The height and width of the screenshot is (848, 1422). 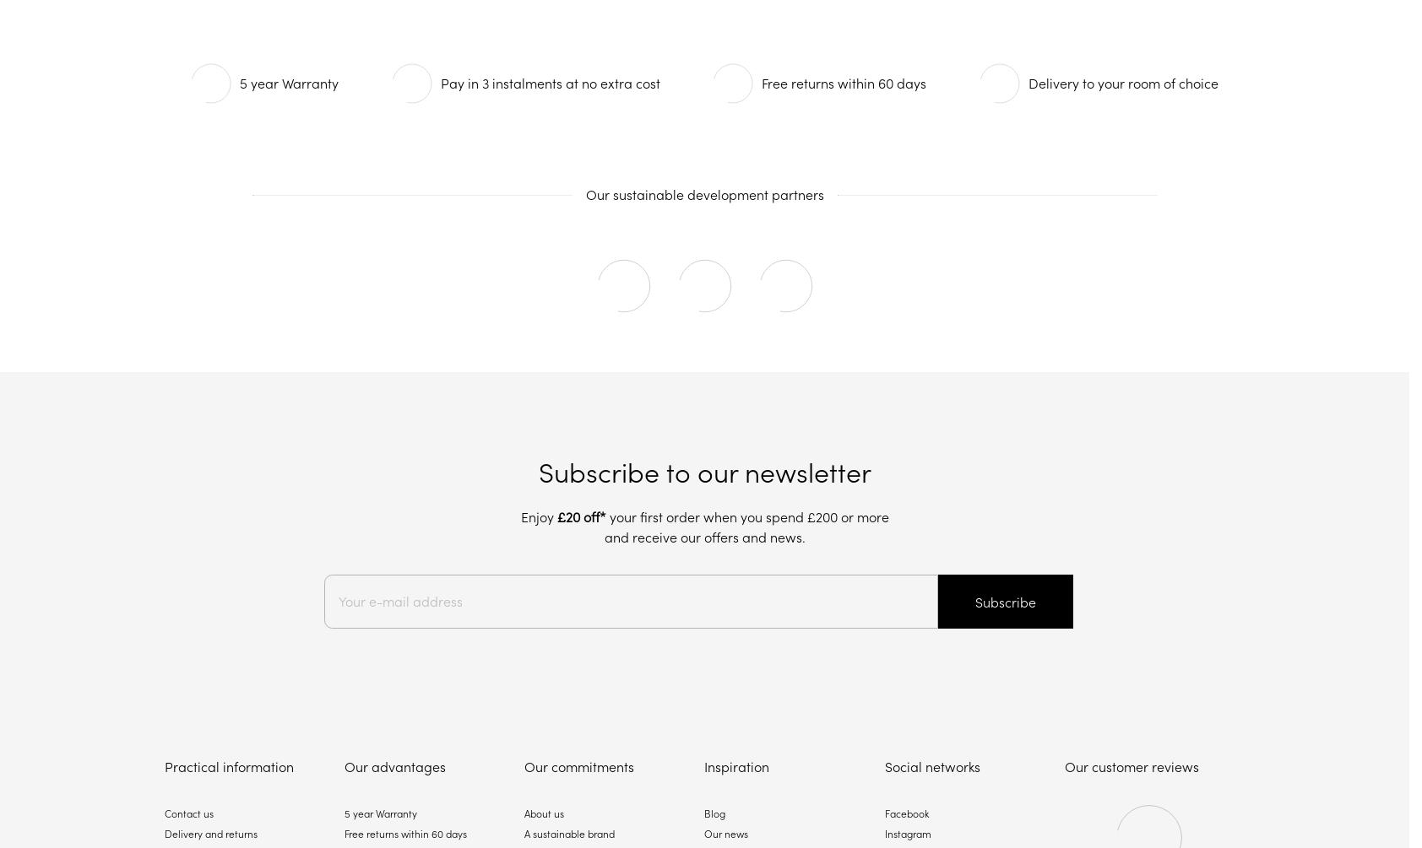 What do you see at coordinates (544, 813) in the screenshot?
I see `'About us'` at bounding box center [544, 813].